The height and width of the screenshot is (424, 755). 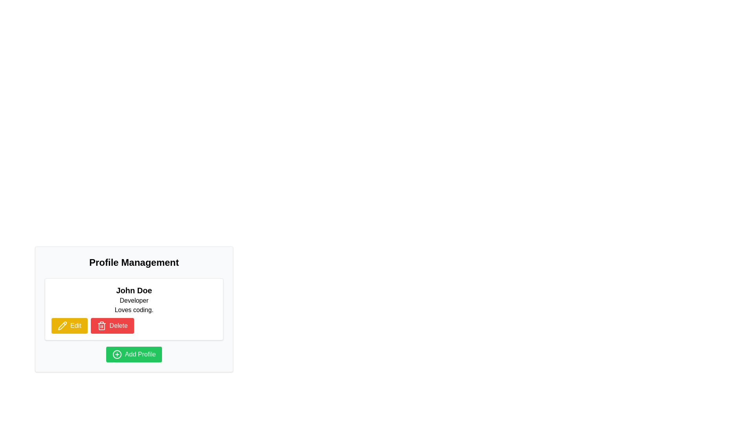 I want to click on the SVG Circle graphic that is part of the 'Add Profile' button, which is centrally aligned with the button's text, so click(x=116, y=354).